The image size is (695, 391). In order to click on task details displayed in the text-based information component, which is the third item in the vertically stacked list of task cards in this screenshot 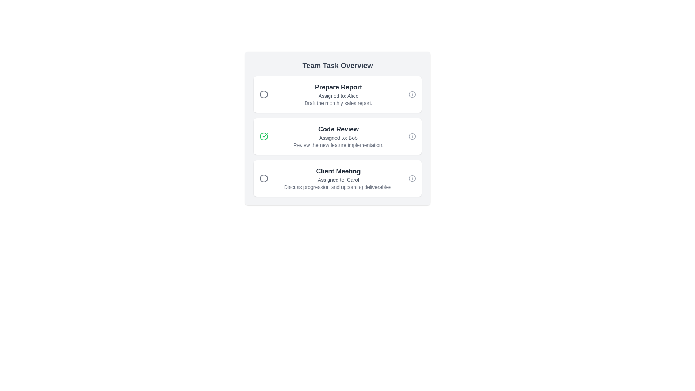, I will do `click(338, 178)`.